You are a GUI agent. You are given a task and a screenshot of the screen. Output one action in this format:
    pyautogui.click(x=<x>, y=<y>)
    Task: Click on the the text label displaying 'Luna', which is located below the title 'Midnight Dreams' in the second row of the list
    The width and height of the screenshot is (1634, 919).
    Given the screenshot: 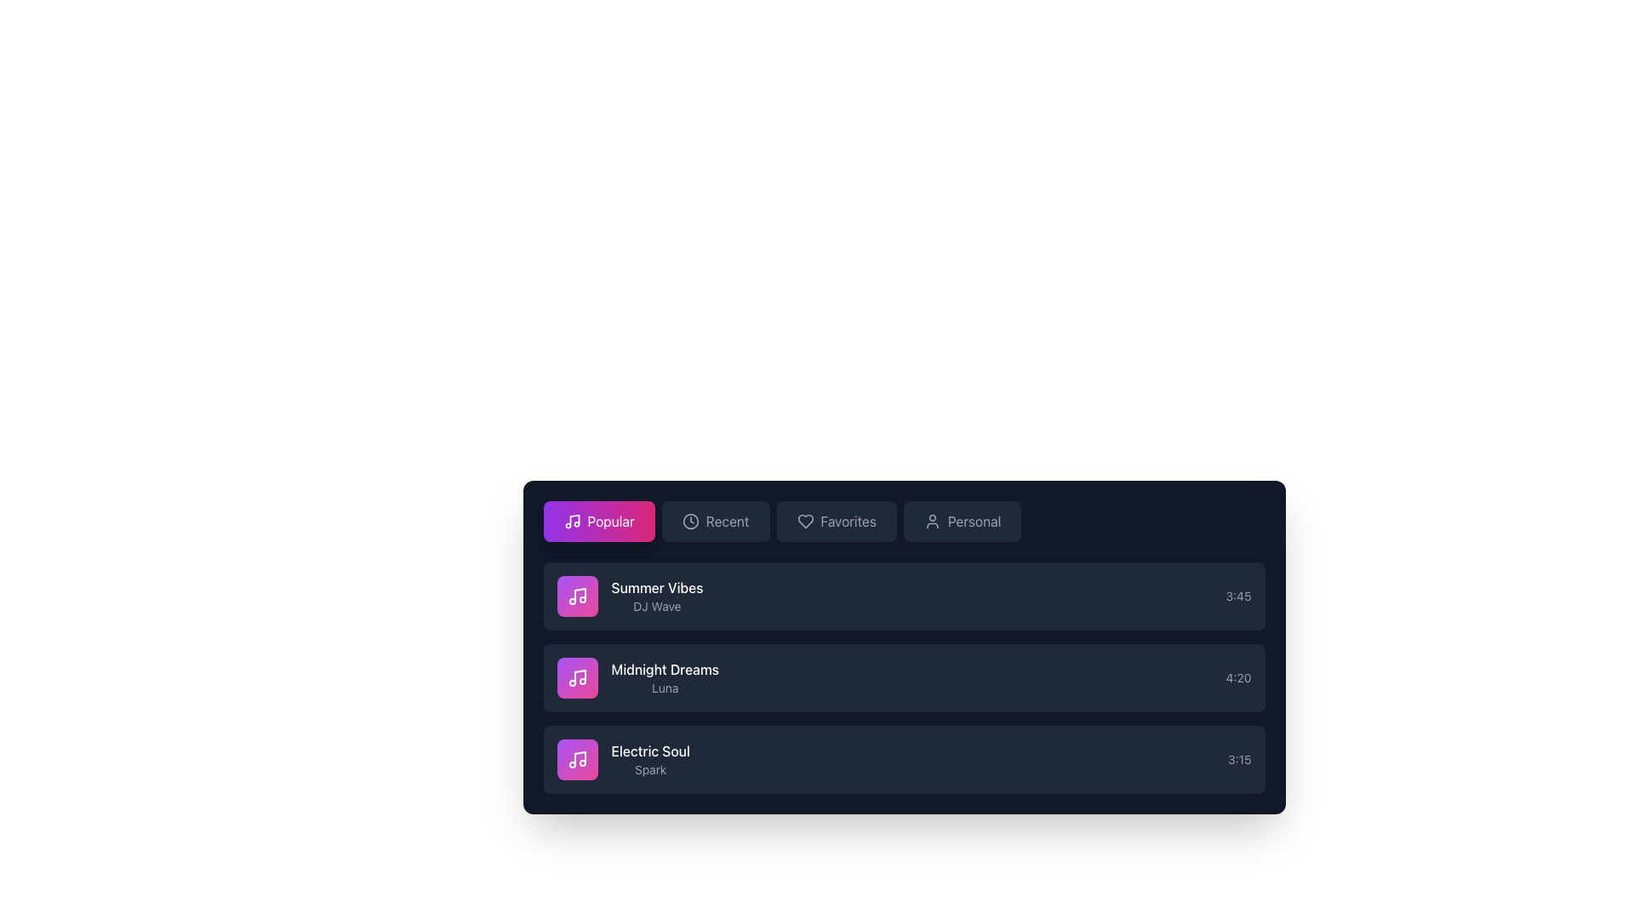 What is the action you would take?
    pyautogui.click(x=664, y=688)
    